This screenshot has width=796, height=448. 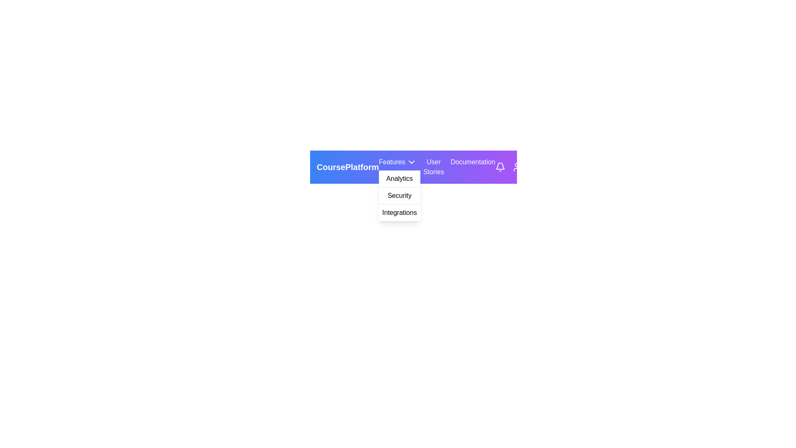 What do you see at coordinates (397, 162) in the screenshot?
I see `the 'Features' dropdown menu trigger button, which is labeled with white text on a purple background and is located in the top navigation bar` at bounding box center [397, 162].